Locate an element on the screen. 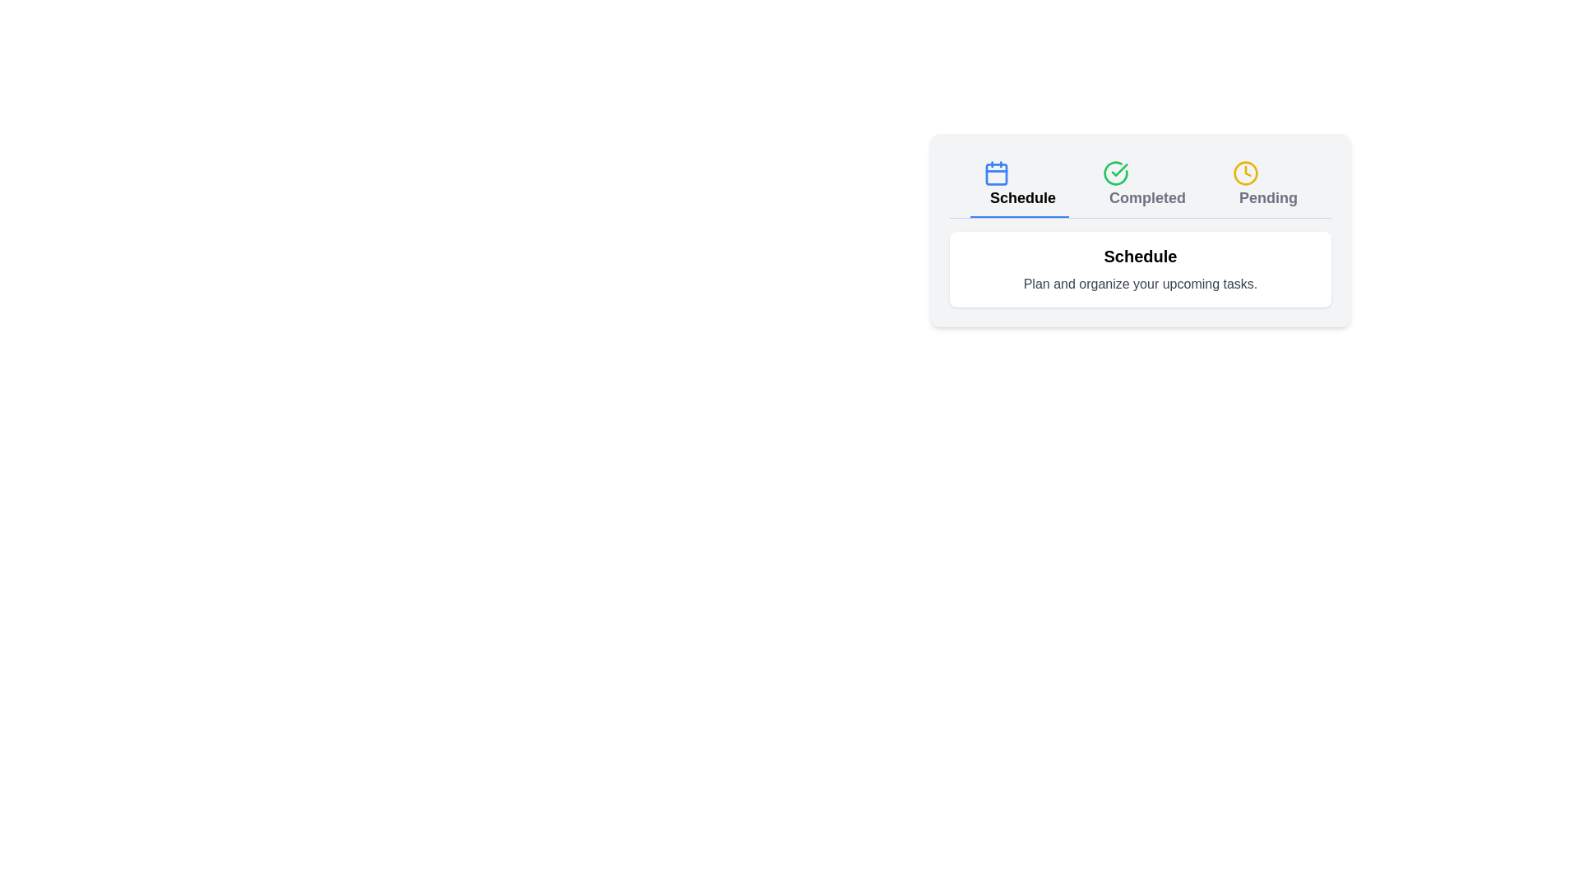  the tab button corresponding to Pending is located at coordinates (1263, 185).